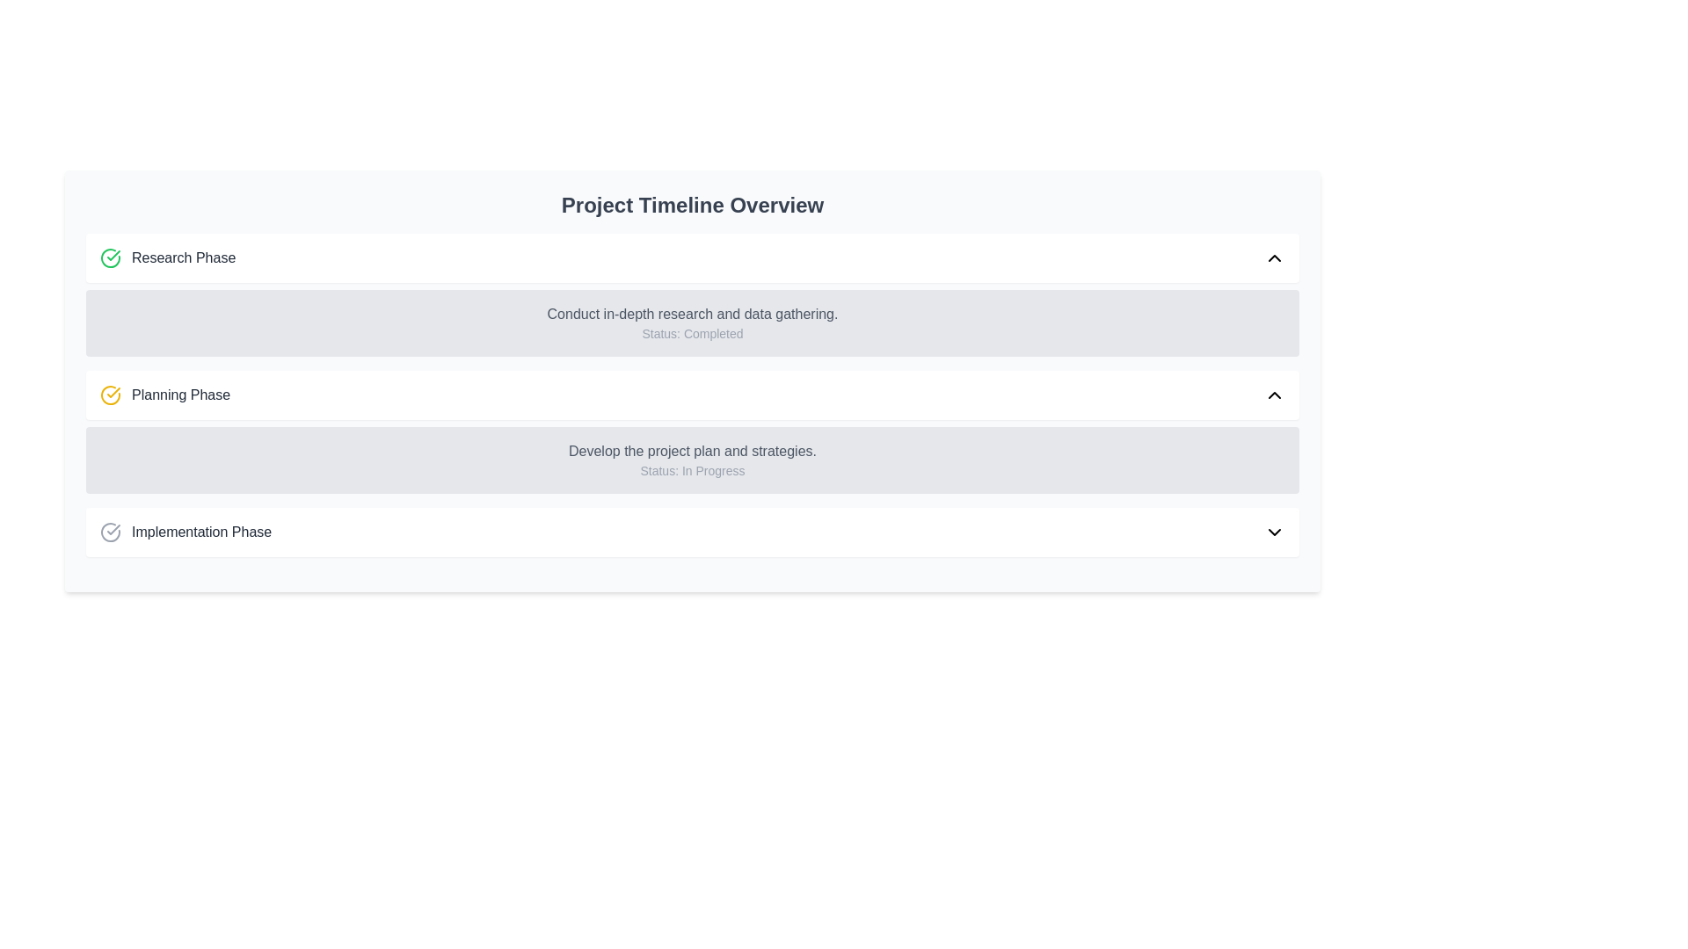 The height and width of the screenshot is (949, 1688). What do you see at coordinates (691, 314) in the screenshot?
I see `the title text element that describes a task in the project timeline, located under the 'Research Phase' section and above the task's status text` at bounding box center [691, 314].